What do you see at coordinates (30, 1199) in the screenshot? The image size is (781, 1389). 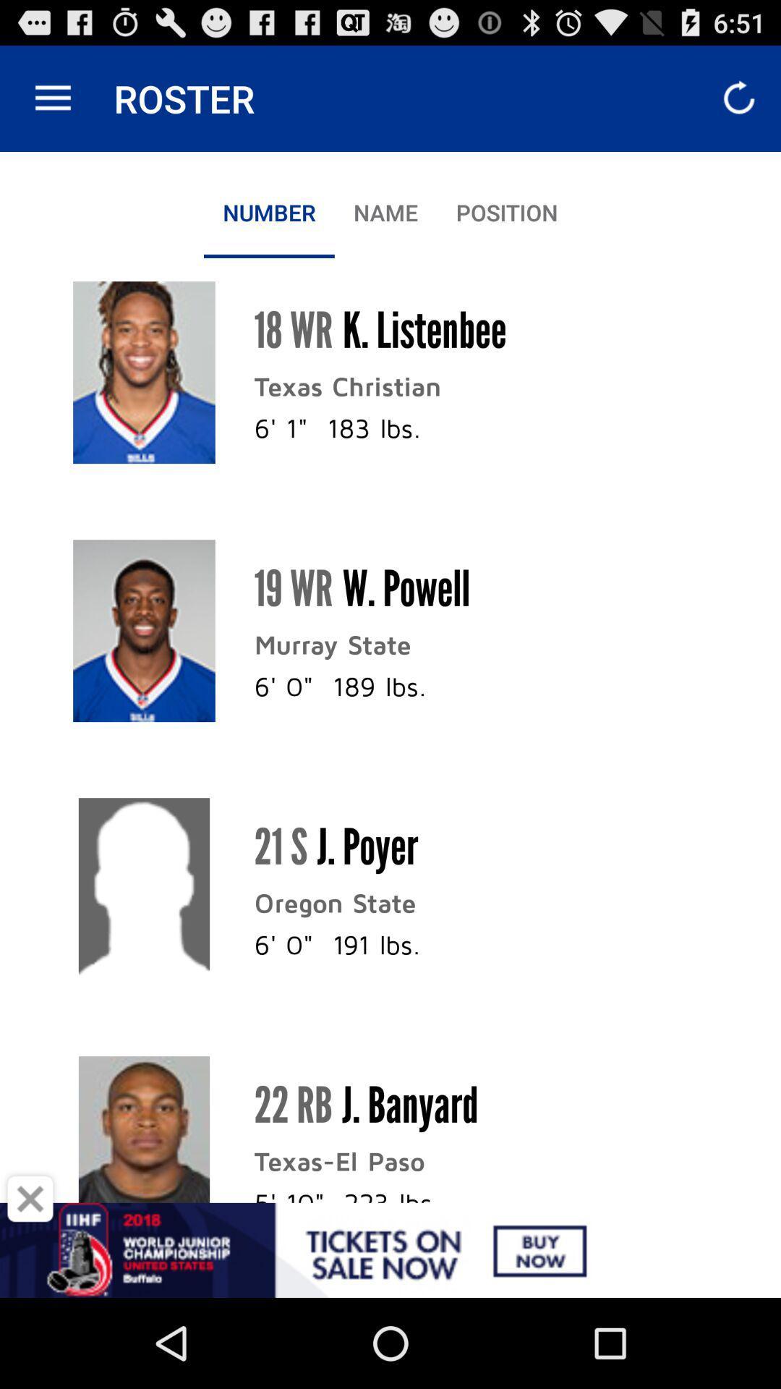 I see `advertisement` at bounding box center [30, 1199].